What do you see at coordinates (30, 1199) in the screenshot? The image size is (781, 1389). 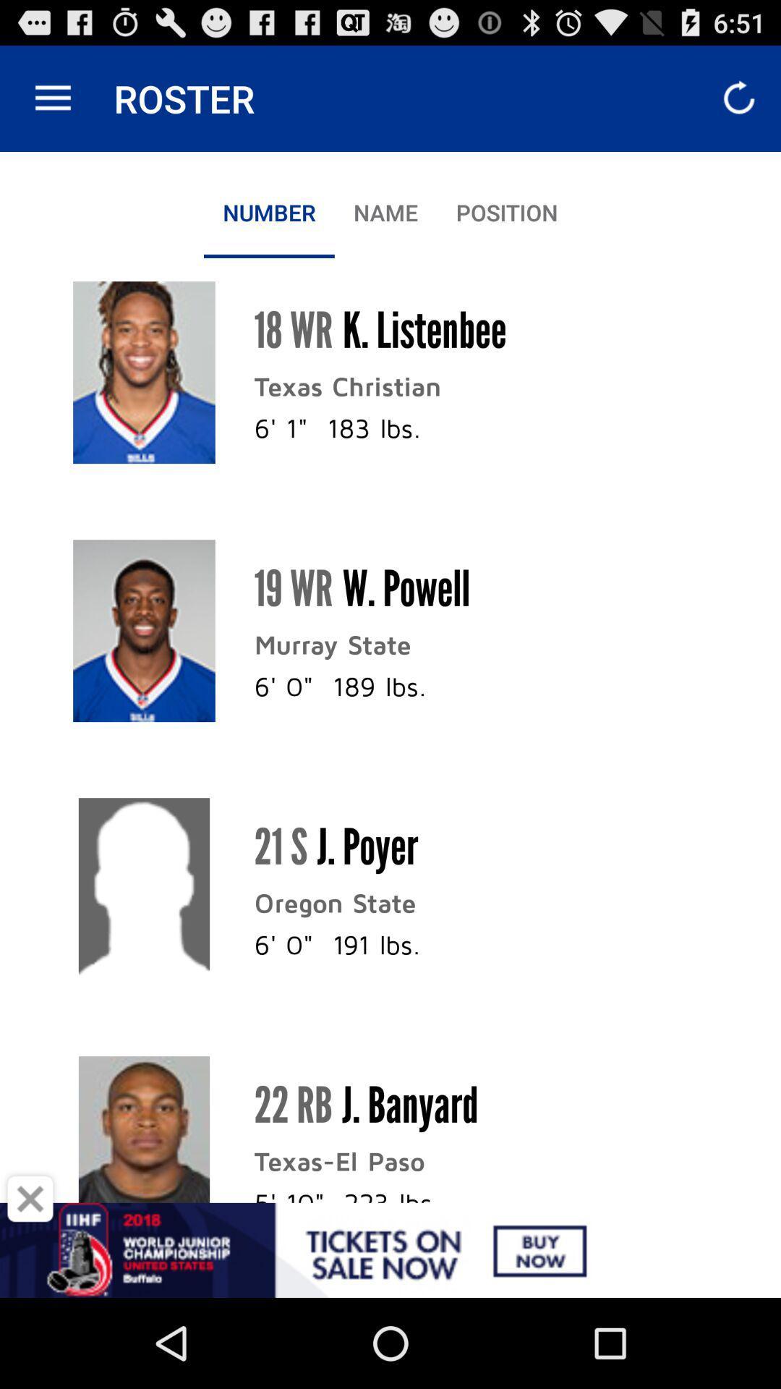 I see `advertisement` at bounding box center [30, 1199].